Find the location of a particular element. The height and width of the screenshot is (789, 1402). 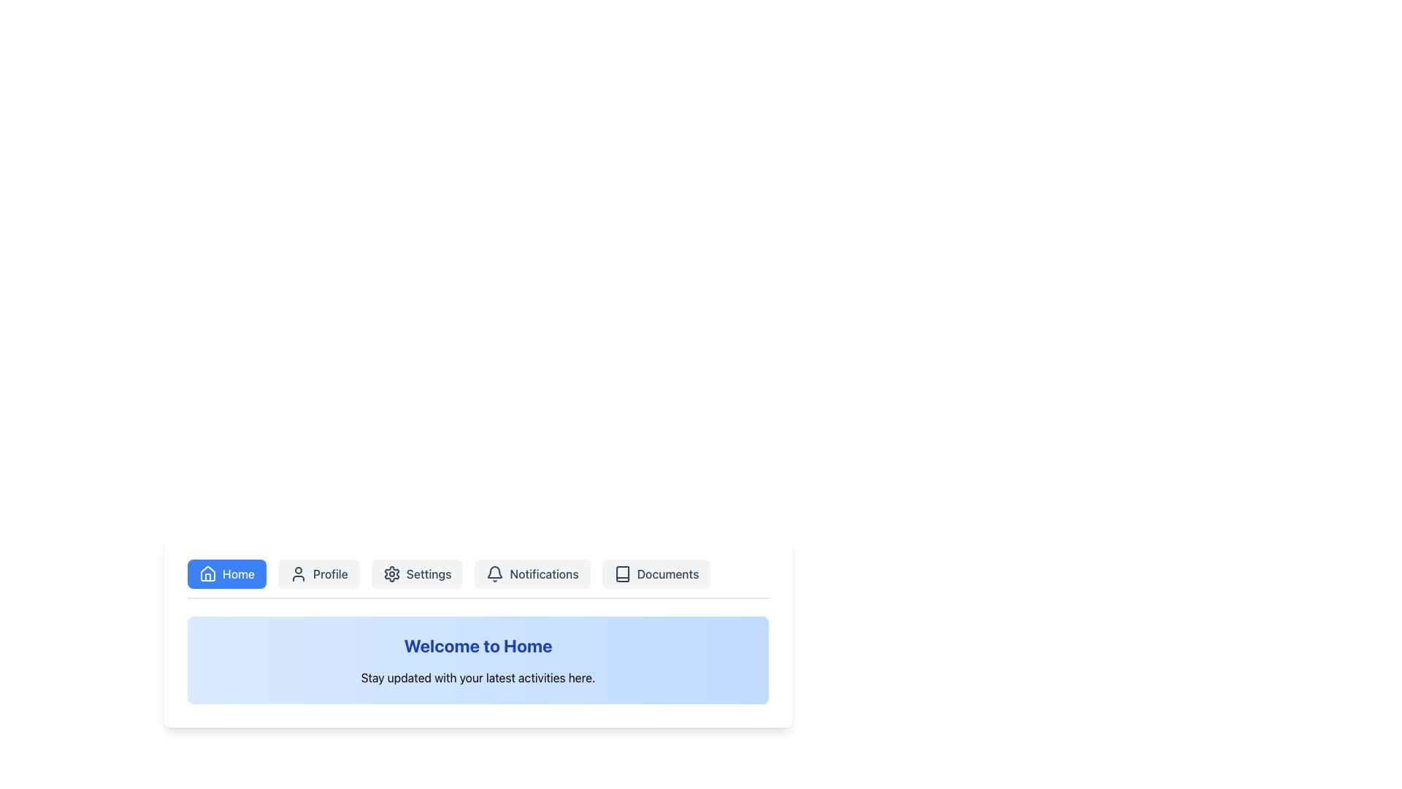

the profile navigation button located between the 'Home' and 'Settings' buttons is located at coordinates (318, 573).